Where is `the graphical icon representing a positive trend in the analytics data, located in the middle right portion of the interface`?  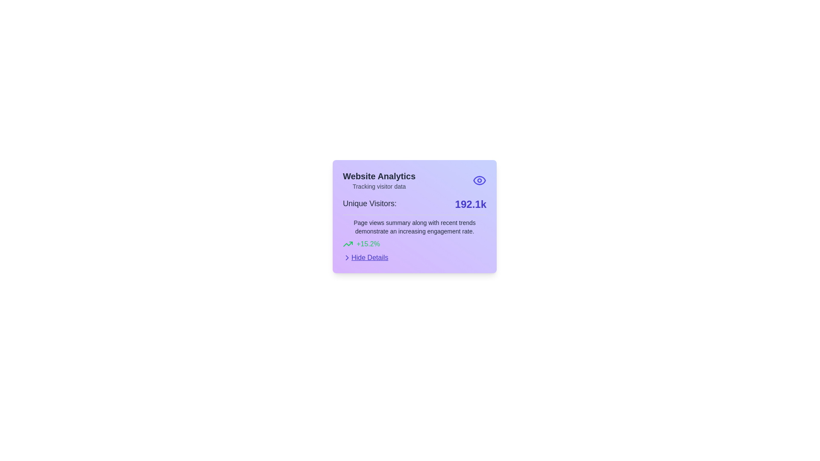
the graphical icon representing a positive trend in the analytics data, located in the middle right portion of the interface is located at coordinates (348, 244).